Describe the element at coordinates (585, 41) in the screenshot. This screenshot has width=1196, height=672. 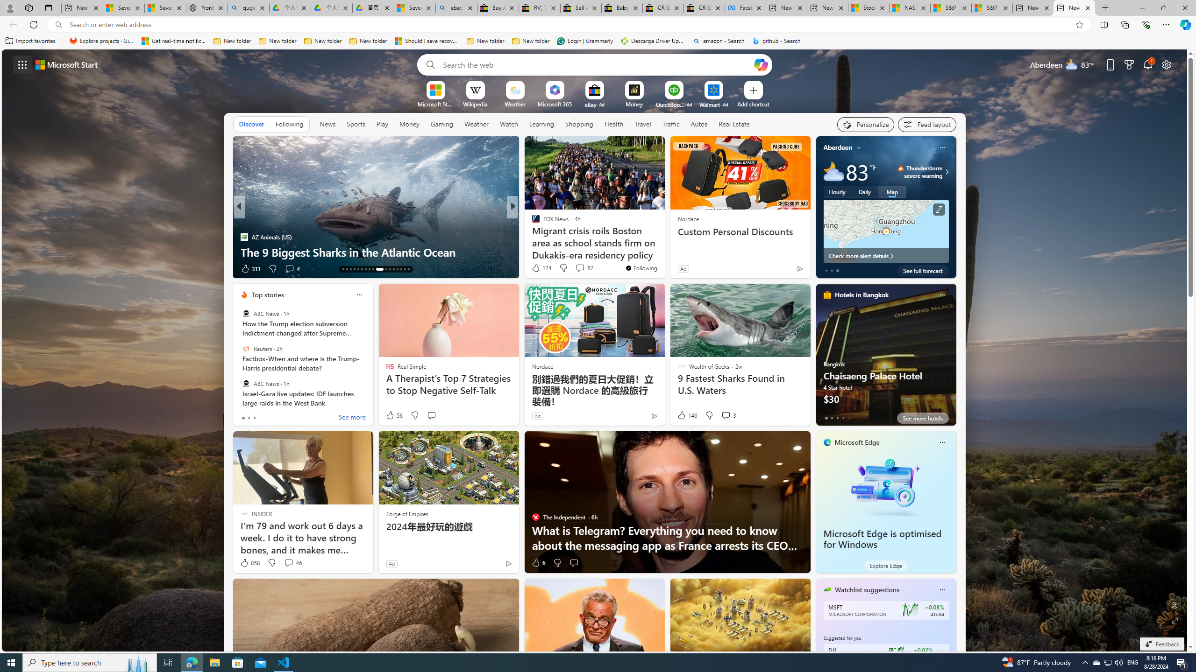
I see `'Login | Grammarly'` at that location.